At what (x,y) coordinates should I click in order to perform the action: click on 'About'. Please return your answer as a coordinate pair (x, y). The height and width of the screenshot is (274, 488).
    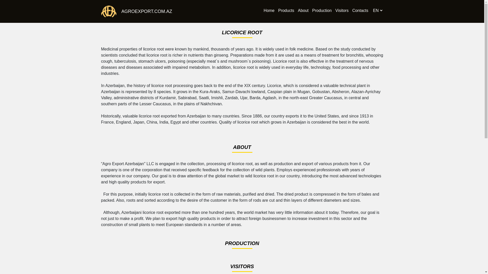
    Looking at the image, I should click on (303, 11).